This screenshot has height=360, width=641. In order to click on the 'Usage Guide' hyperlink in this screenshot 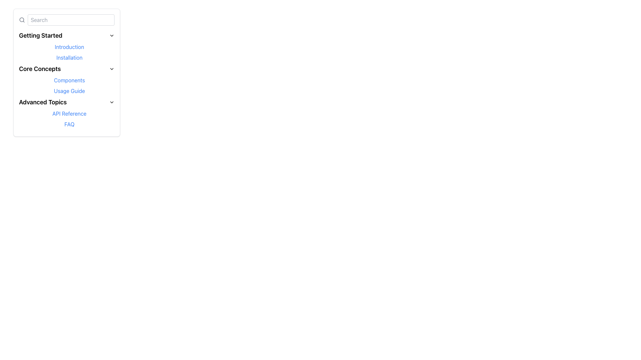, I will do `click(69, 91)`.